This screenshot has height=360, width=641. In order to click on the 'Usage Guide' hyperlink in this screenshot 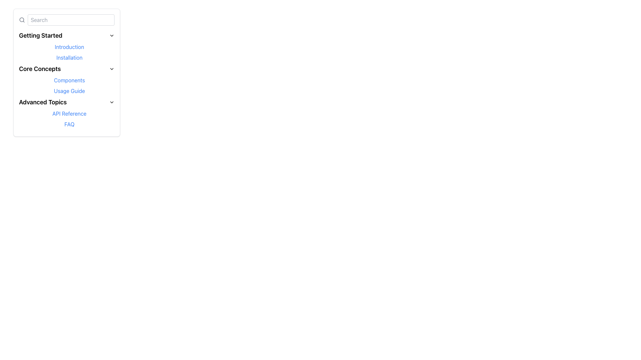, I will do `click(69, 91)`.